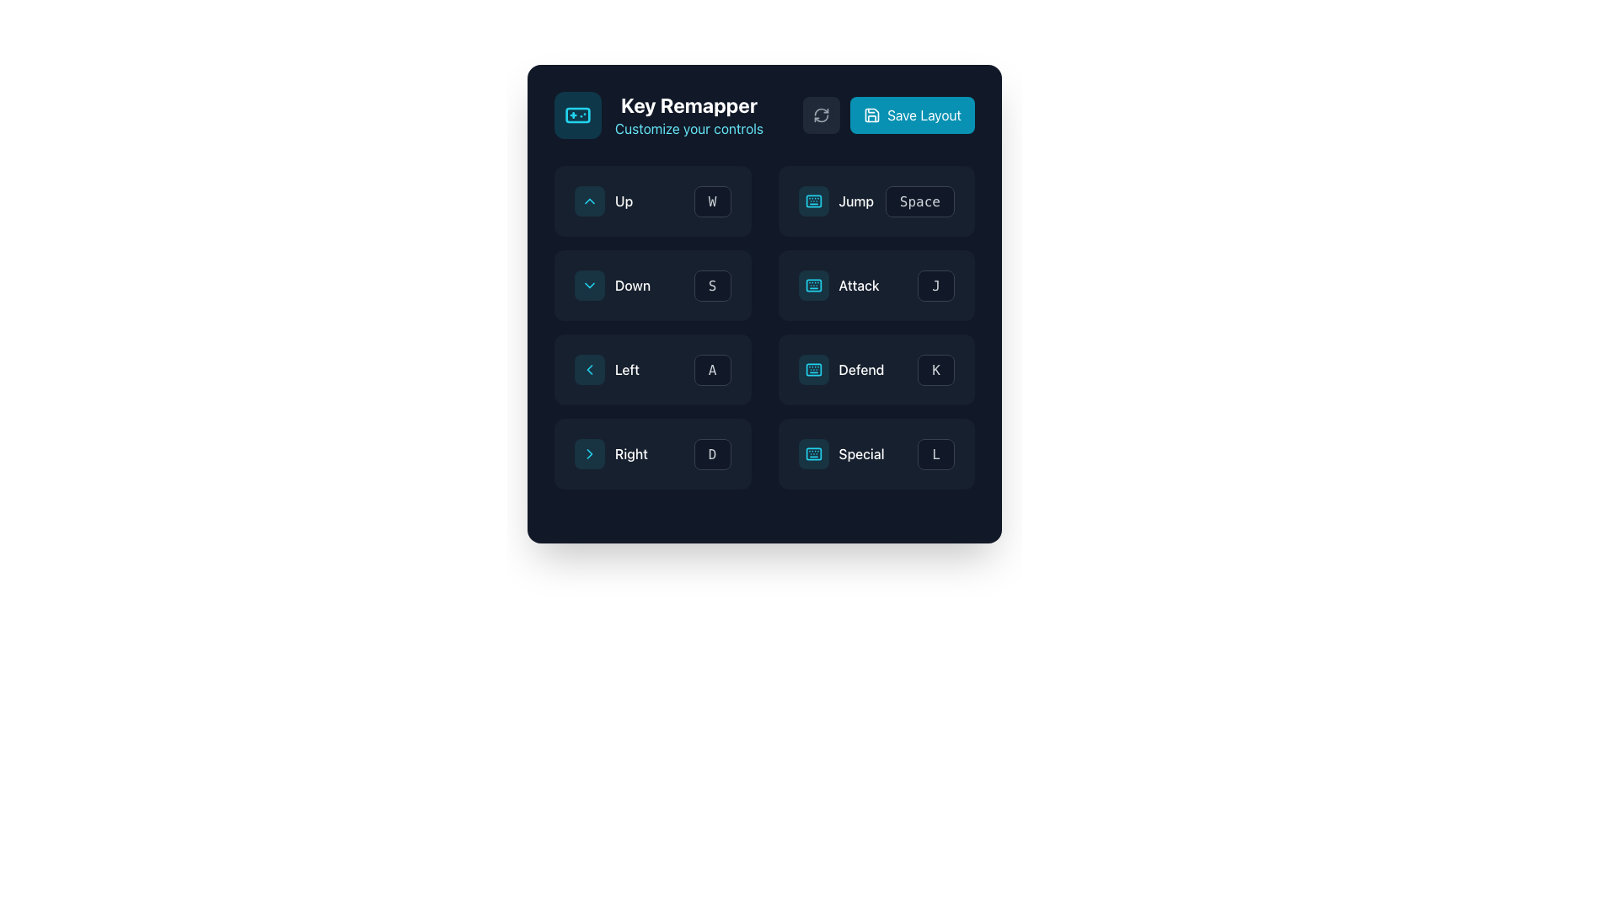  What do you see at coordinates (876, 201) in the screenshot?
I see `the composite element consisting of the 'Jump' label and 'Space' button` at bounding box center [876, 201].